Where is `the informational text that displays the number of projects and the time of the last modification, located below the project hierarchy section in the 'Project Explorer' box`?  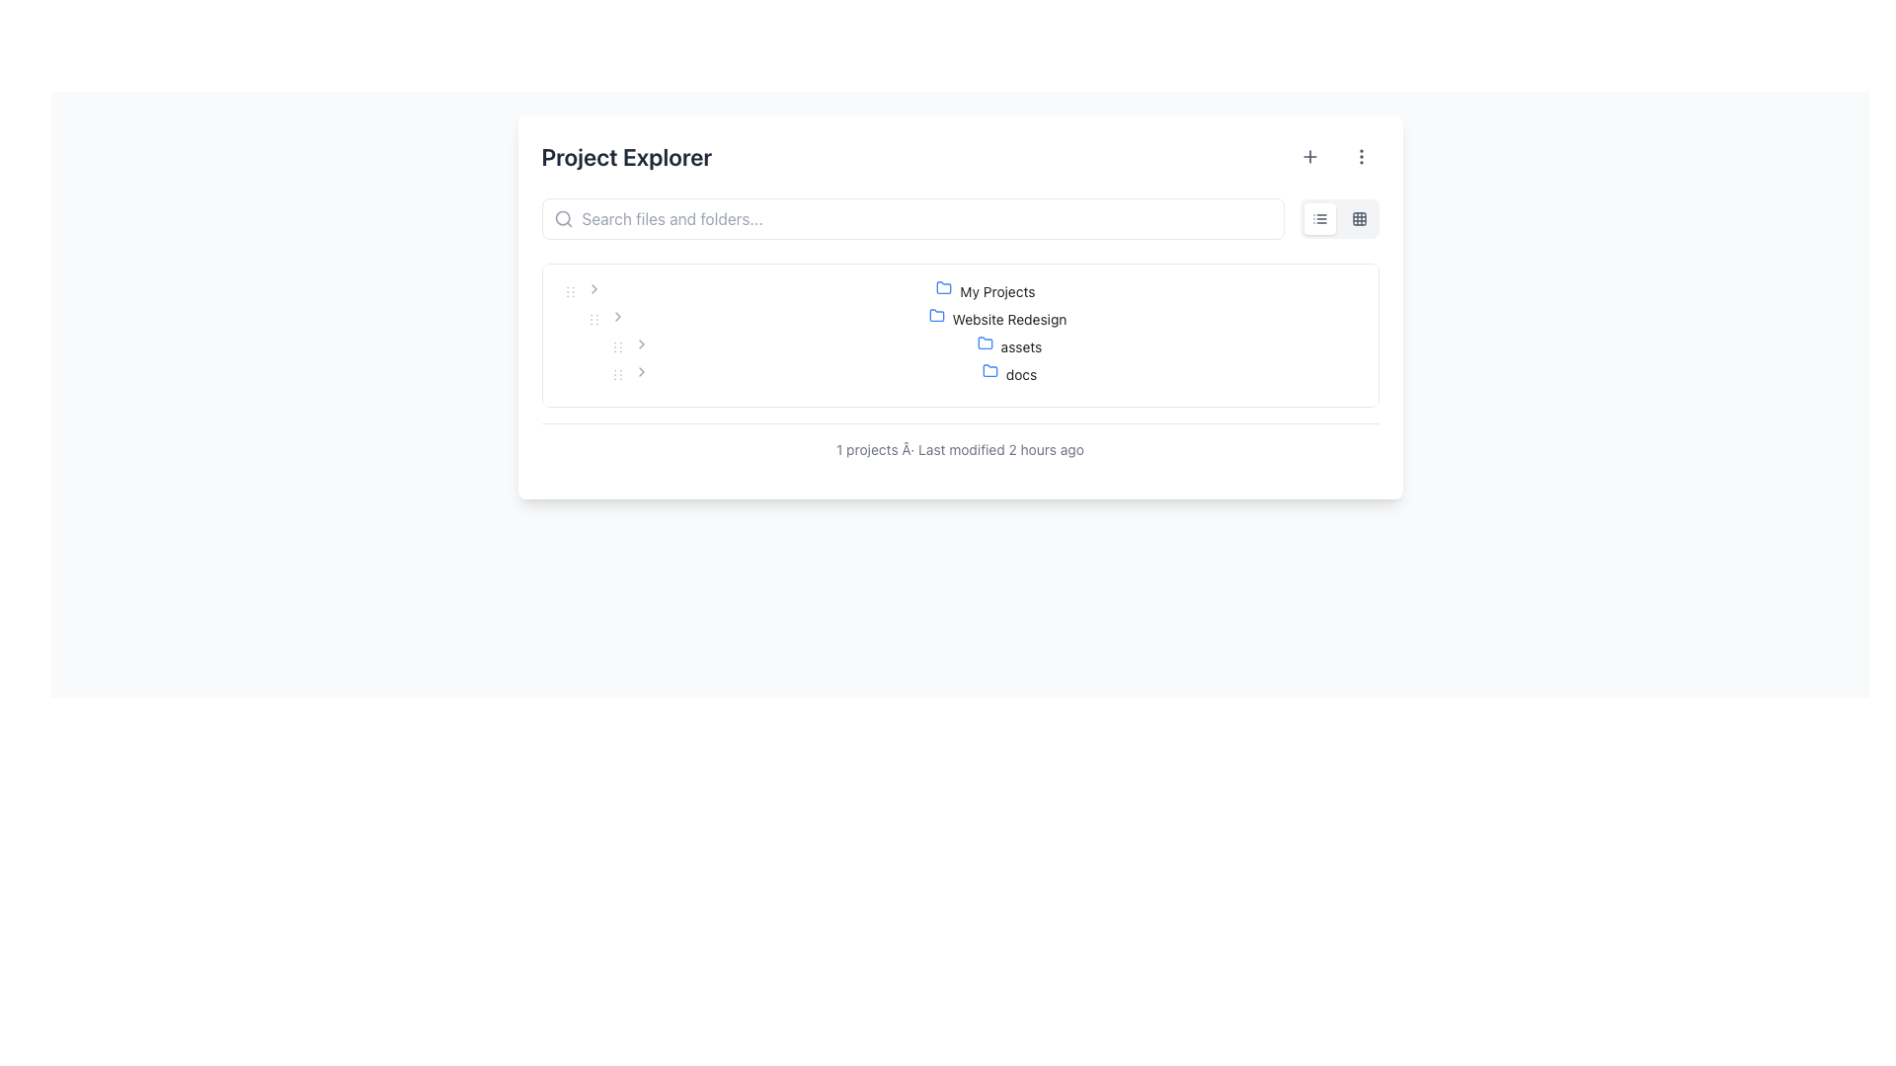
the informational text that displays the number of projects and the time of the last modification, located below the project hierarchy section in the 'Project Explorer' box is located at coordinates (960, 449).